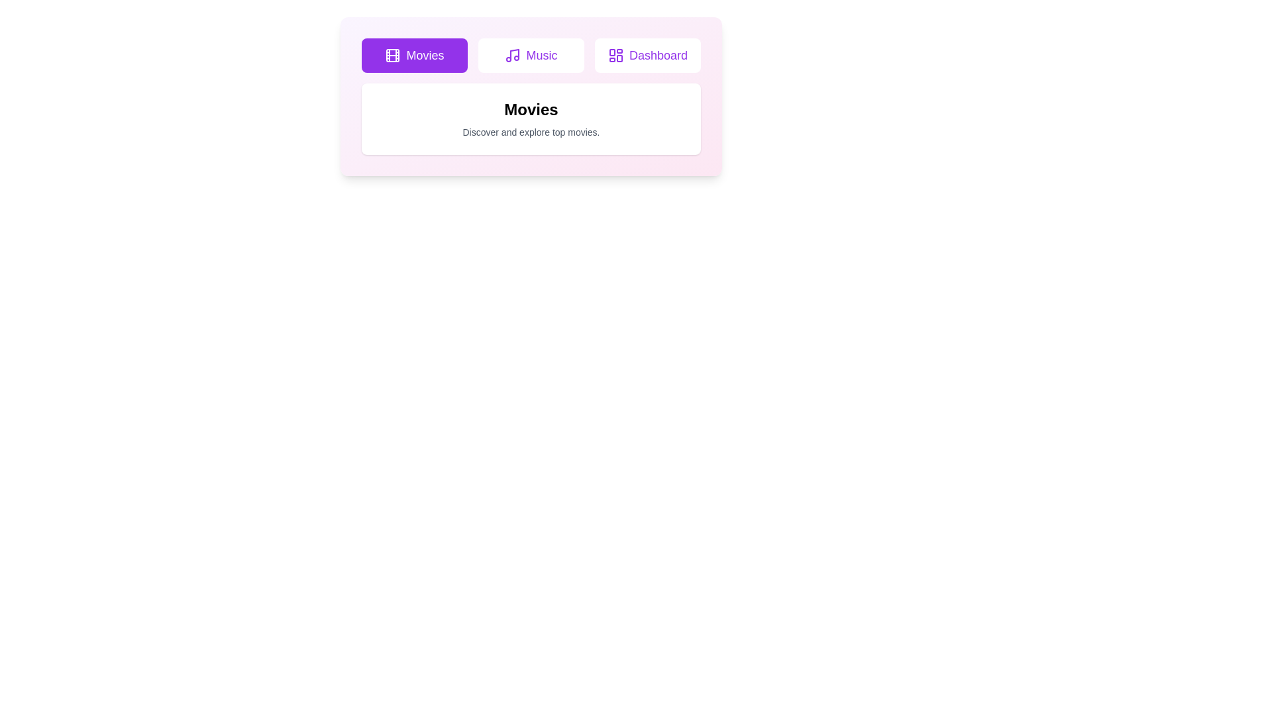 Image resolution: width=1272 pixels, height=715 pixels. I want to click on the tab button labeled Movies to switch to the corresponding tab, so click(413, 55).